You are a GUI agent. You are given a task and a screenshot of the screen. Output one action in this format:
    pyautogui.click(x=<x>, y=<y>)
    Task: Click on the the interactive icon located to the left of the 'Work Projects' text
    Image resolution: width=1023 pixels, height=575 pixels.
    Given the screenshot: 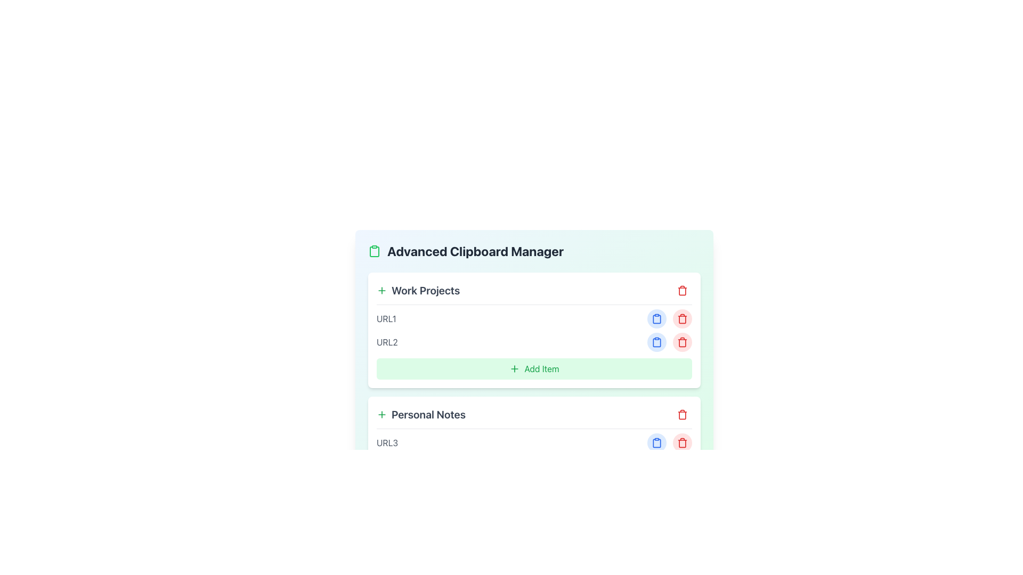 What is the action you would take?
    pyautogui.click(x=381, y=291)
    